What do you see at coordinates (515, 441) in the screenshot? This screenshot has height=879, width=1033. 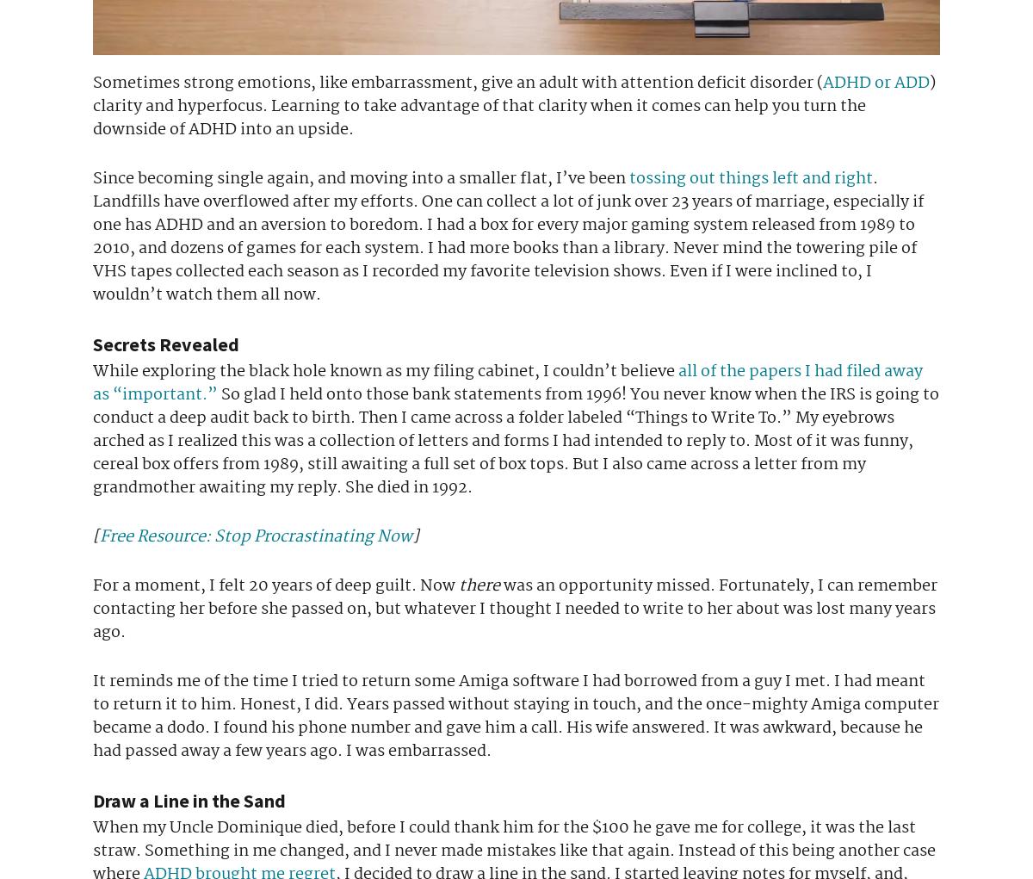 I see `'So glad I held onto those bank statements from 1996! You never know when the IRS is going to conduct a deep audit back to birth. Then I came across a folder labeled “Things to Write To.” My eyebrows arched as I realized this was a collection of letters and forms I had intended to reply to. Most of it was funny, cereal box offers from 1989, still awaiting a full set of box tops. But I also came across a letter from my grandmother awaiting my reply. She died in 1992.'` at bounding box center [515, 441].